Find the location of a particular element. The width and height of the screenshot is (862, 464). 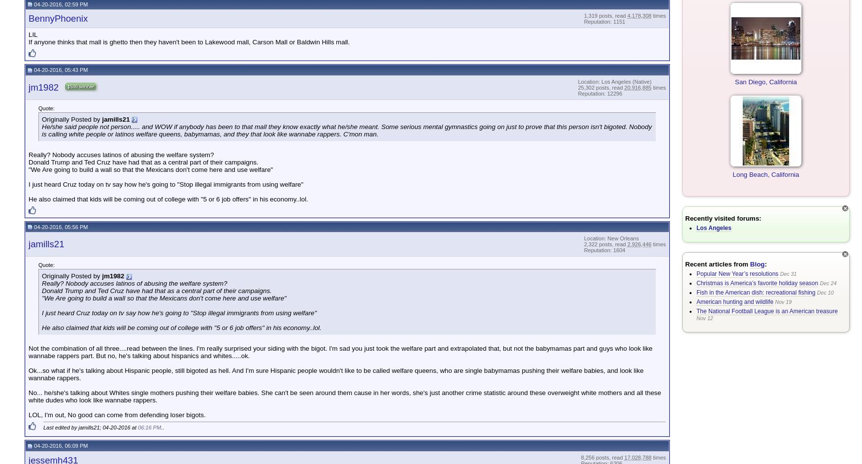

'He/she said people not person..... and WOW if anybody has been to that mall they know exactly what he/she meant. Some serious mental gymnastics going on just to prove that this person isn't bigoted. Nobody is calling white people or latinos welfare queens, babymamas, and they that look like wannabe rappers. C'mon man.' is located at coordinates (347, 130).